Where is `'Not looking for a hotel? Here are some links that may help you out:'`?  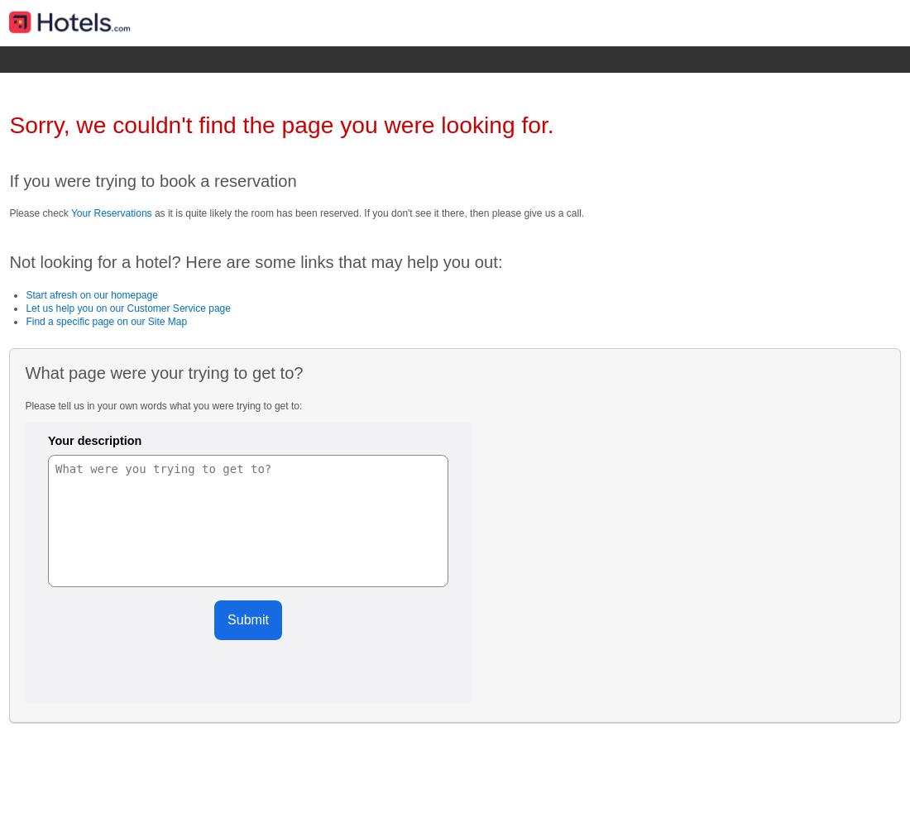
'Not looking for a hotel? Here are some links that may help you out:' is located at coordinates (254, 261).